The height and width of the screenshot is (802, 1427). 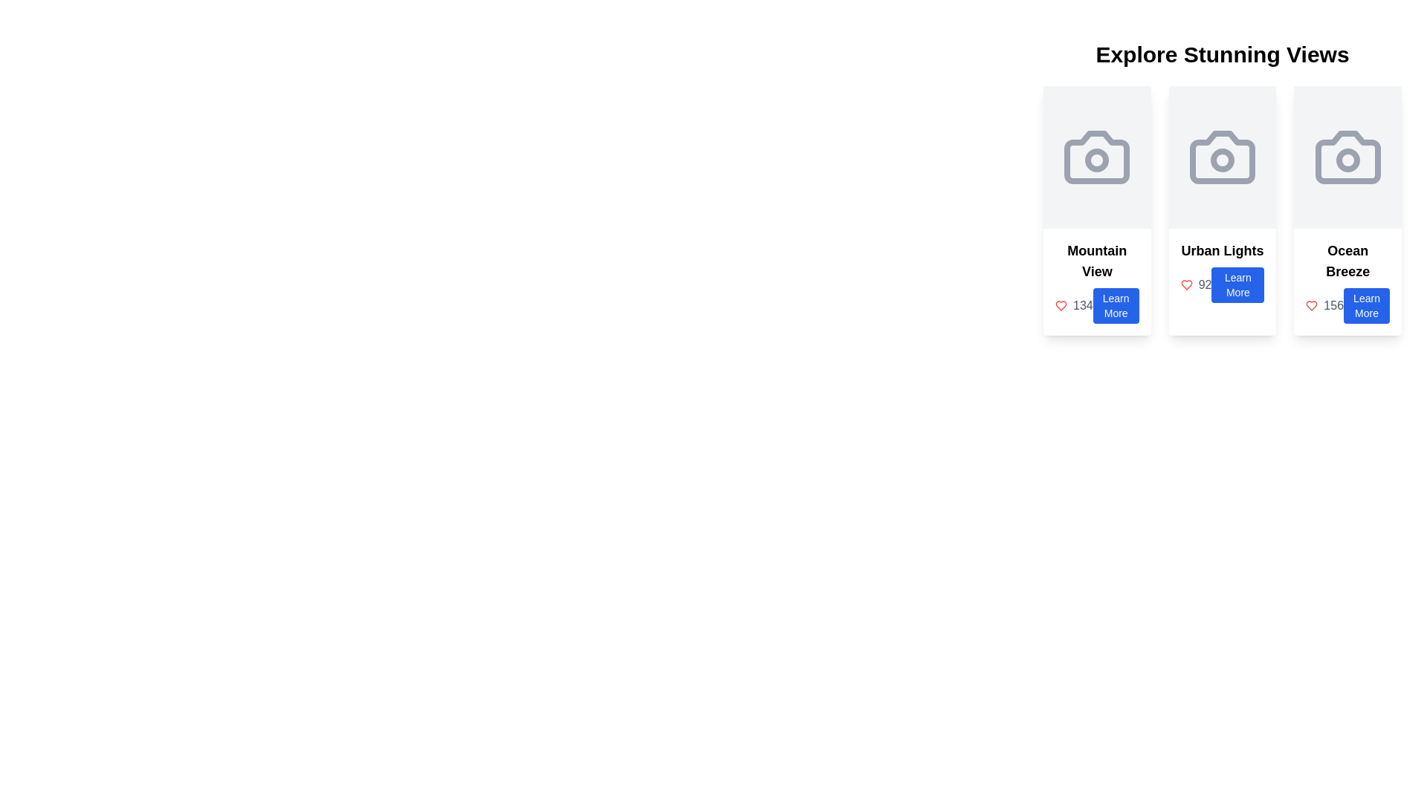 I want to click on the small circular component within the camera icon located in the first card titled 'Mountain View', so click(x=1097, y=160).